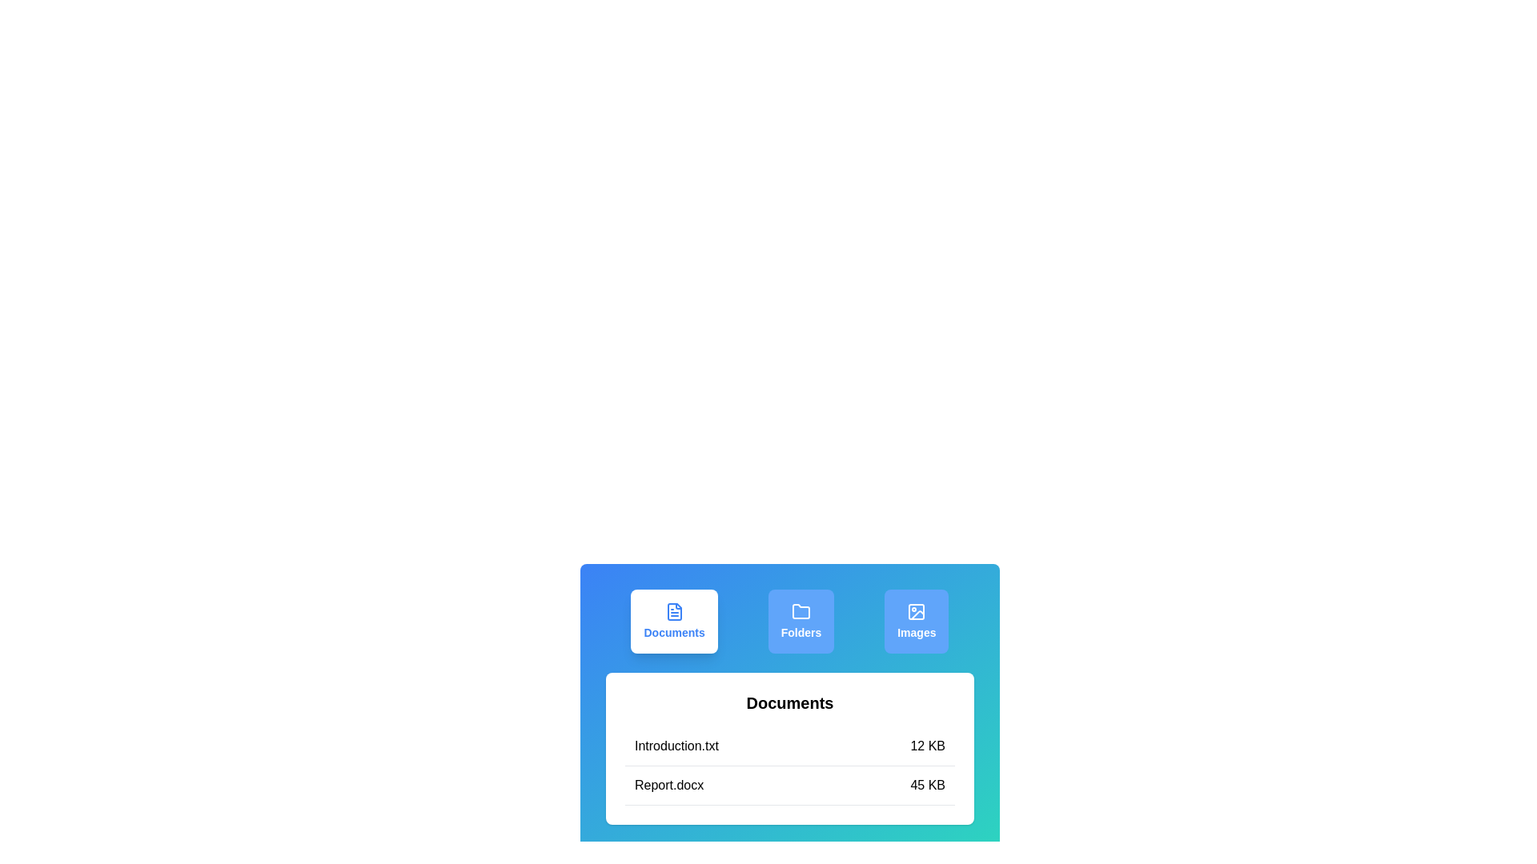  Describe the element at coordinates (669, 785) in the screenshot. I see `the 'Report.docx' text label located in the lower section of the 'Documents' pane` at that location.